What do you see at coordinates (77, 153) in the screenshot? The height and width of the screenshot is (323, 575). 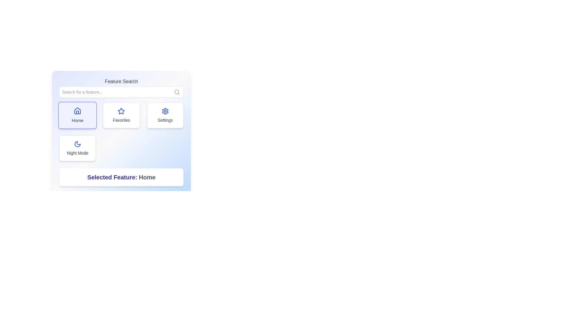 I see `the text label beneath the moon icon within the 'Night Mode' card interface, which serves as a descriptive label for the feature it represents` at bounding box center [77, 153].